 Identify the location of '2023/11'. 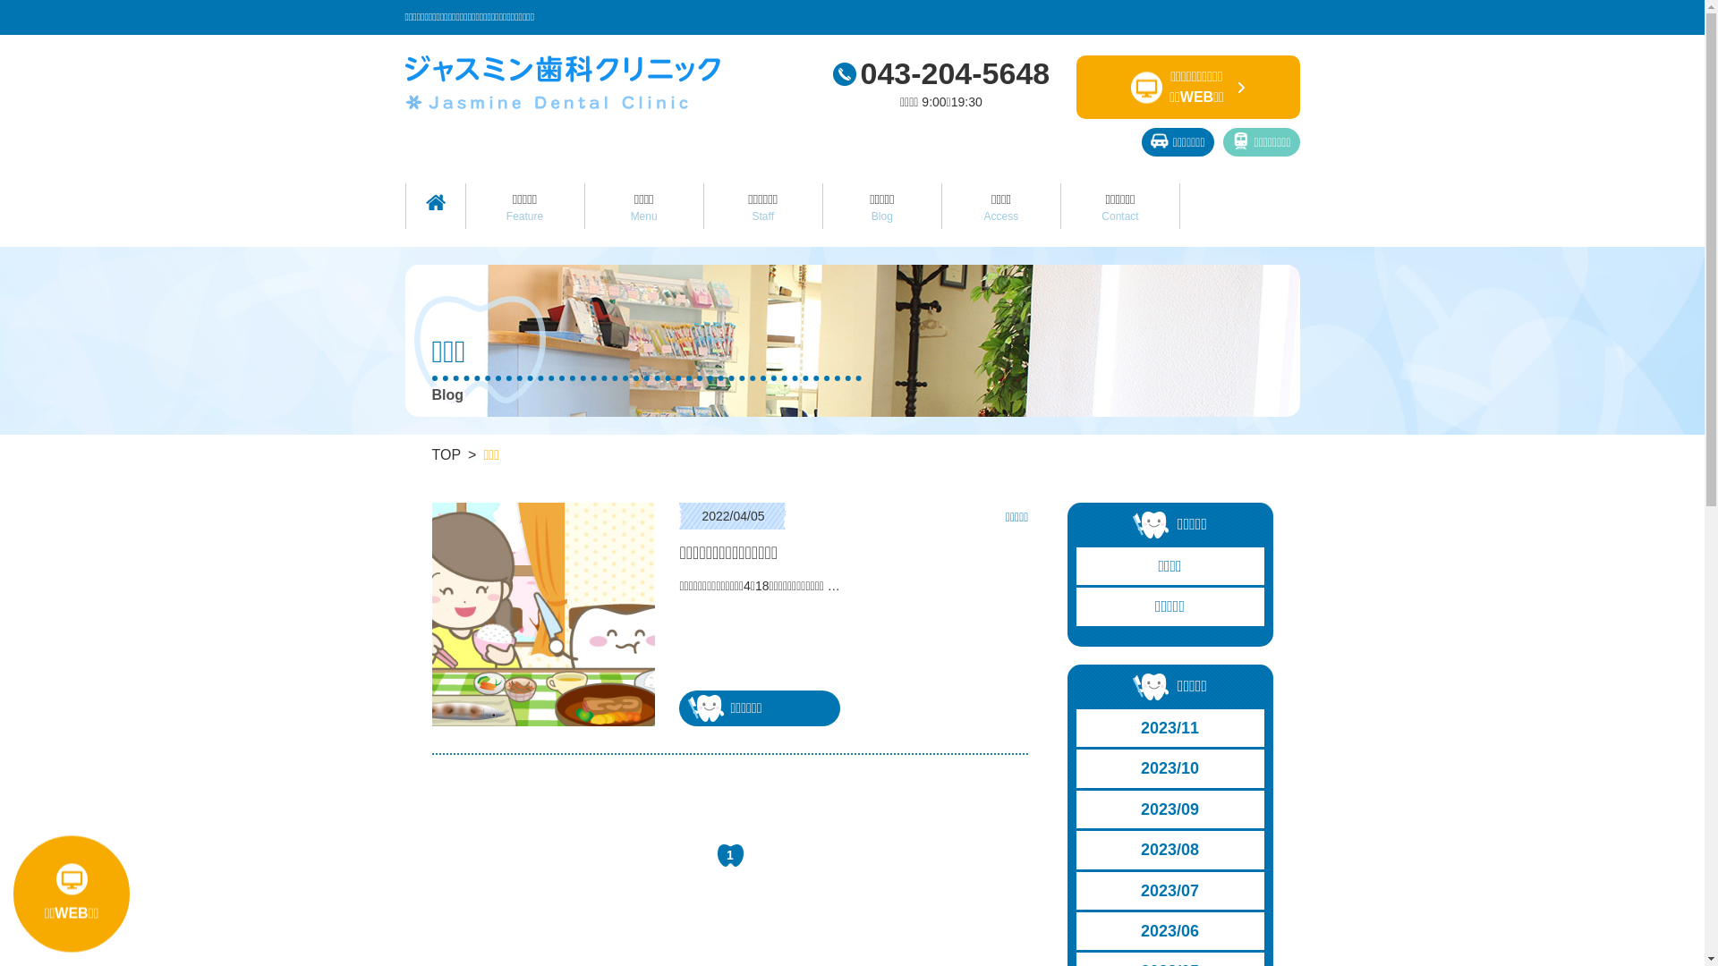
(1170, 727).